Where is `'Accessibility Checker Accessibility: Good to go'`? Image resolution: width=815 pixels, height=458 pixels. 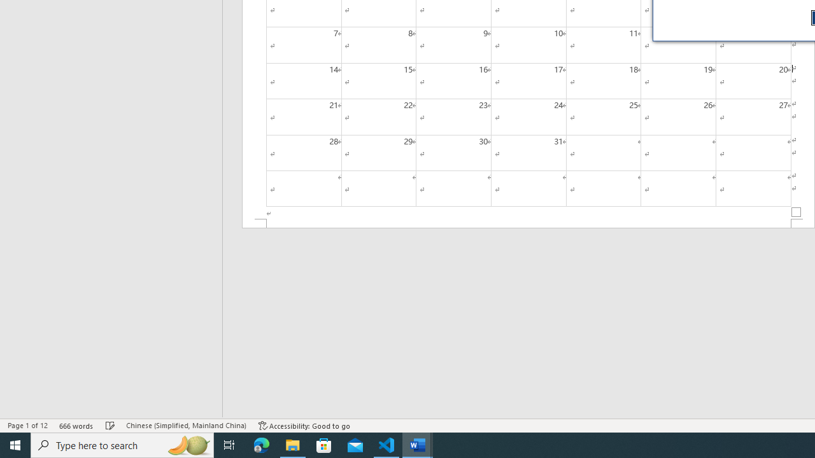
'Accessibility Checker Accessibility: Good to go' is located at coordinates (304, 426).